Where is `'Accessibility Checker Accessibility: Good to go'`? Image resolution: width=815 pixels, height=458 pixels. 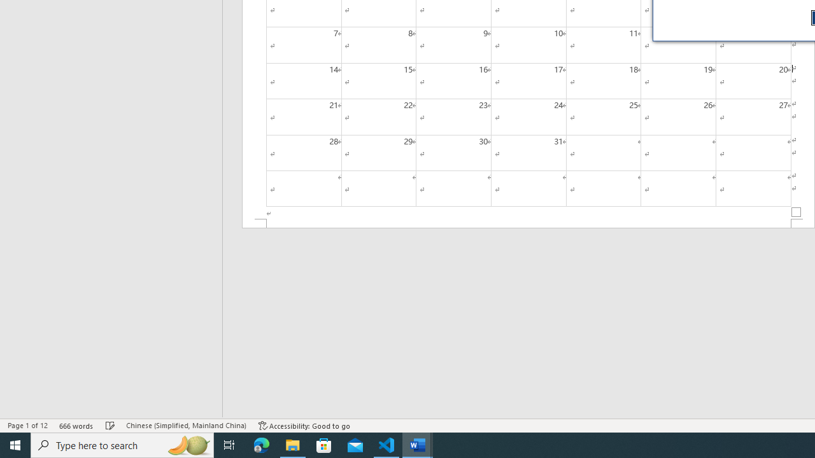
'Accessibility Checker Accessibility: Good to go' is located at coordinates (304, 426).